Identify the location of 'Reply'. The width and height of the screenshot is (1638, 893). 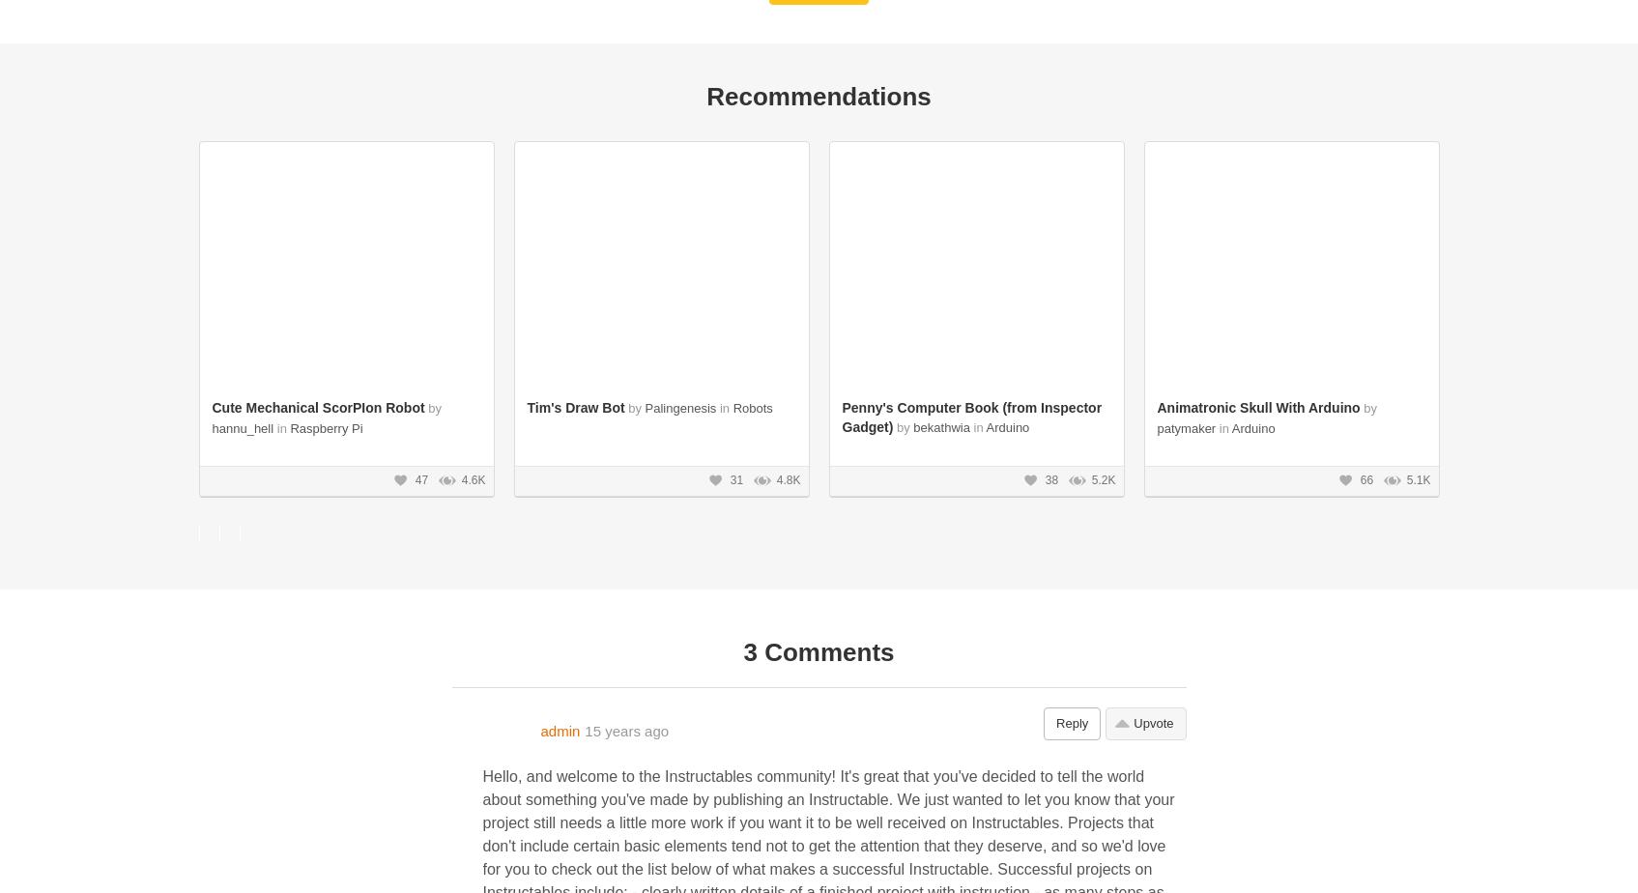
(1071, 723).